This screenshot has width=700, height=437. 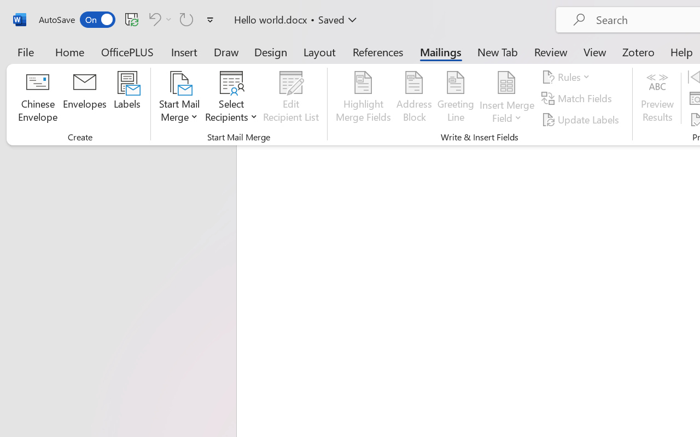 I want to click on 'Insert', so click(x=184, y=51).